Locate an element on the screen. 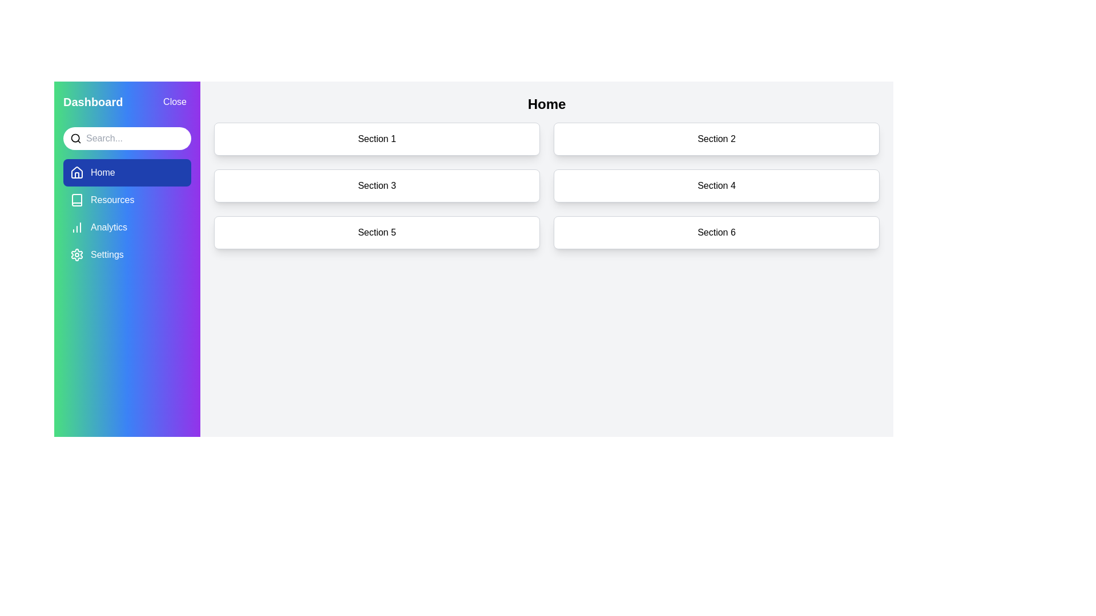 Image resolution: width=1096 pixels, height=616 pixels. the menu item Settings from the sidebar is located at coordinates (127, 254).